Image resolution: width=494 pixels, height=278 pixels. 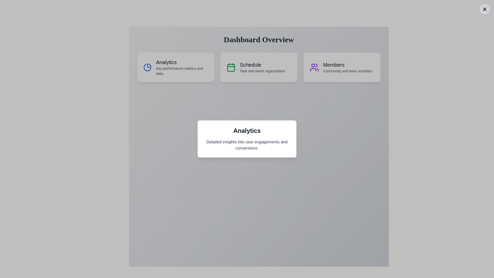 I want to click on the calendar icon located in the top row of the Dashboard Overview menu, so click(x=231, y=67).